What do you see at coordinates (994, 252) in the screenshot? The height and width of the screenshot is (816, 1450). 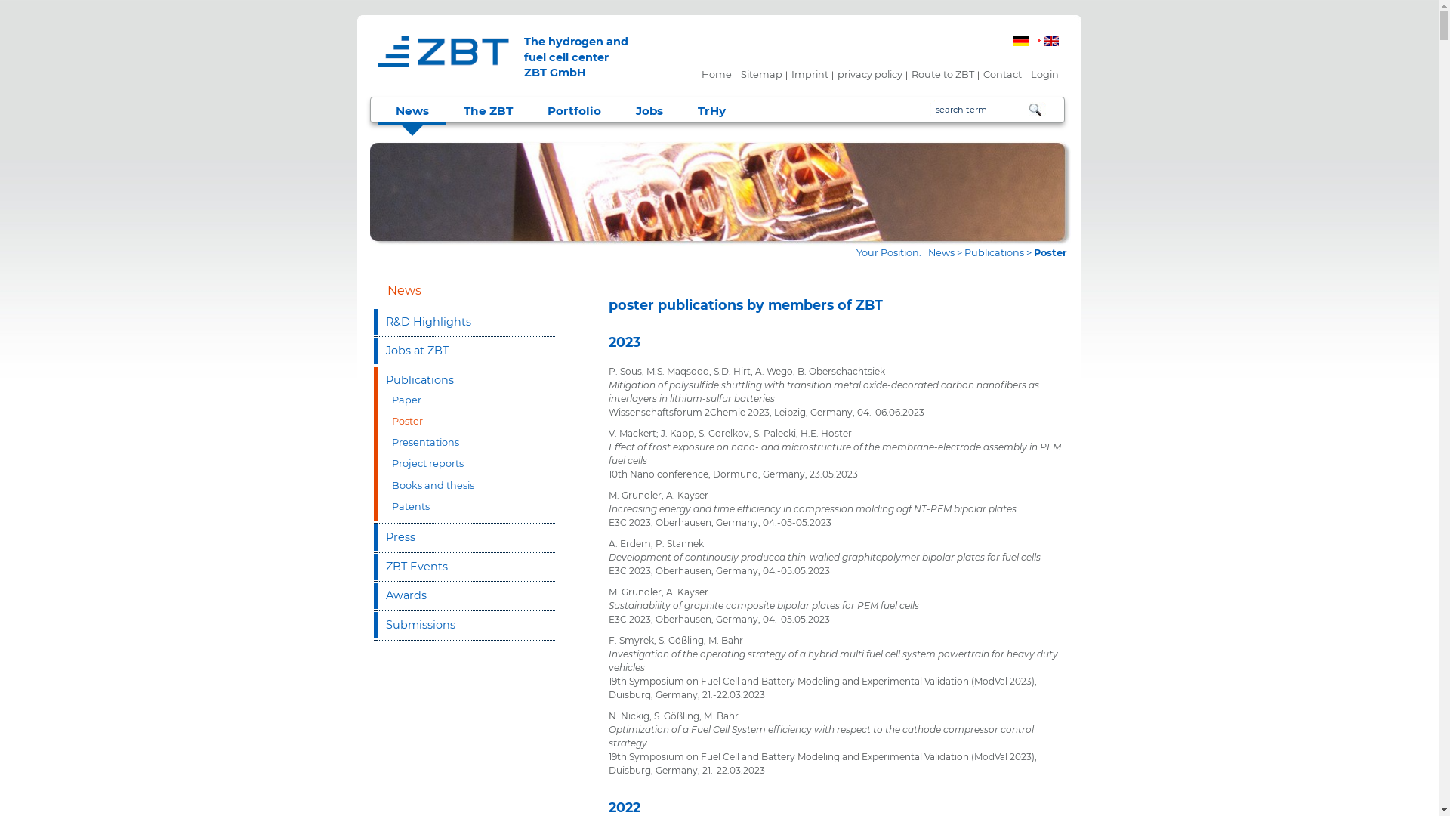 I see `'Publications'` at bounding box center [994, 252].